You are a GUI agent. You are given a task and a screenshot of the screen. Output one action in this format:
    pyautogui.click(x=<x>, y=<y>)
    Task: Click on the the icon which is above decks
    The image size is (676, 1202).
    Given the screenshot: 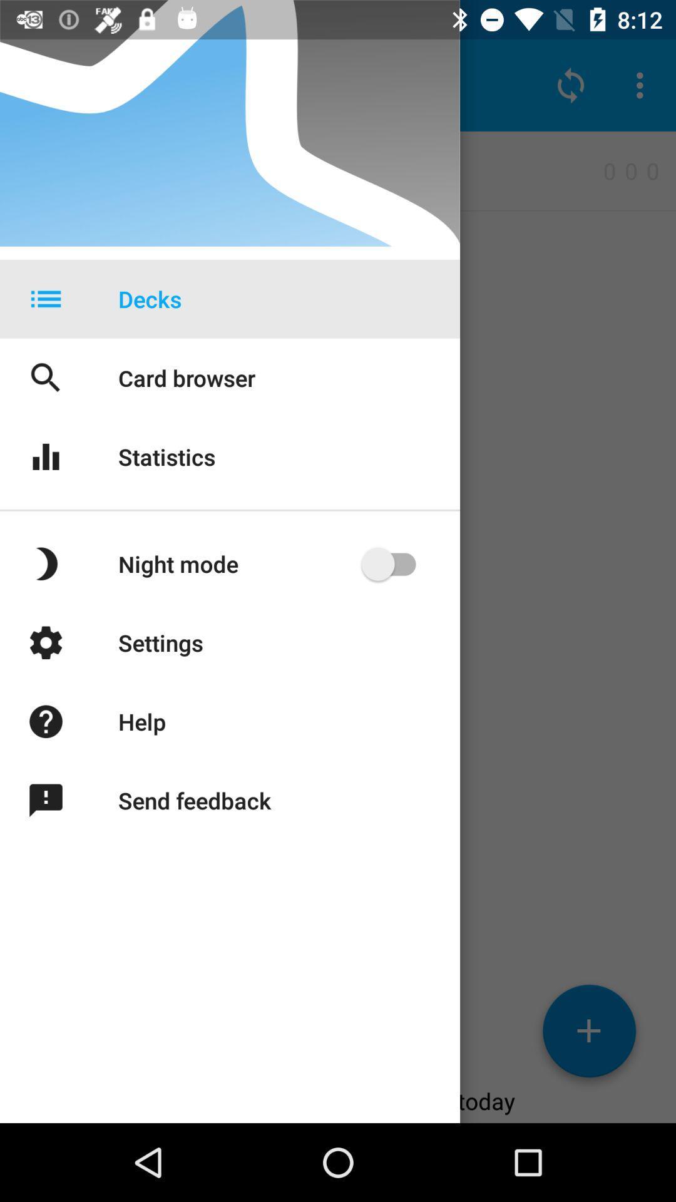 What is the action you would take?
    pyautogui.click(x=570, y=85)
    